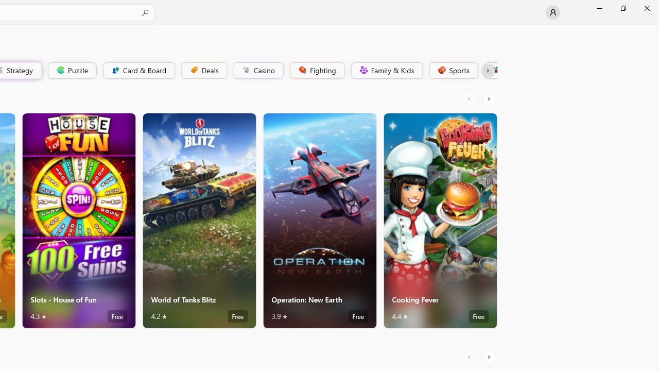 This screenshot has width=659, height=371. What do you see at coordinates (470, 357) in the screenshot?
I see `'AutomationID: LeftScrollButton'` at bounding box center [470, 357].